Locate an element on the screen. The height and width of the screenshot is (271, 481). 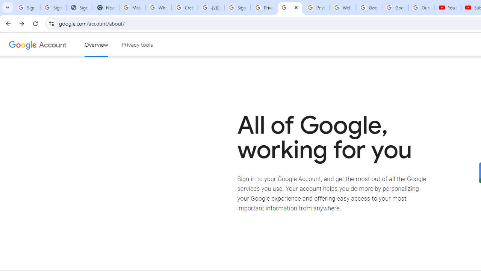
'Privacy tools' is located at coordinates (138, 45).